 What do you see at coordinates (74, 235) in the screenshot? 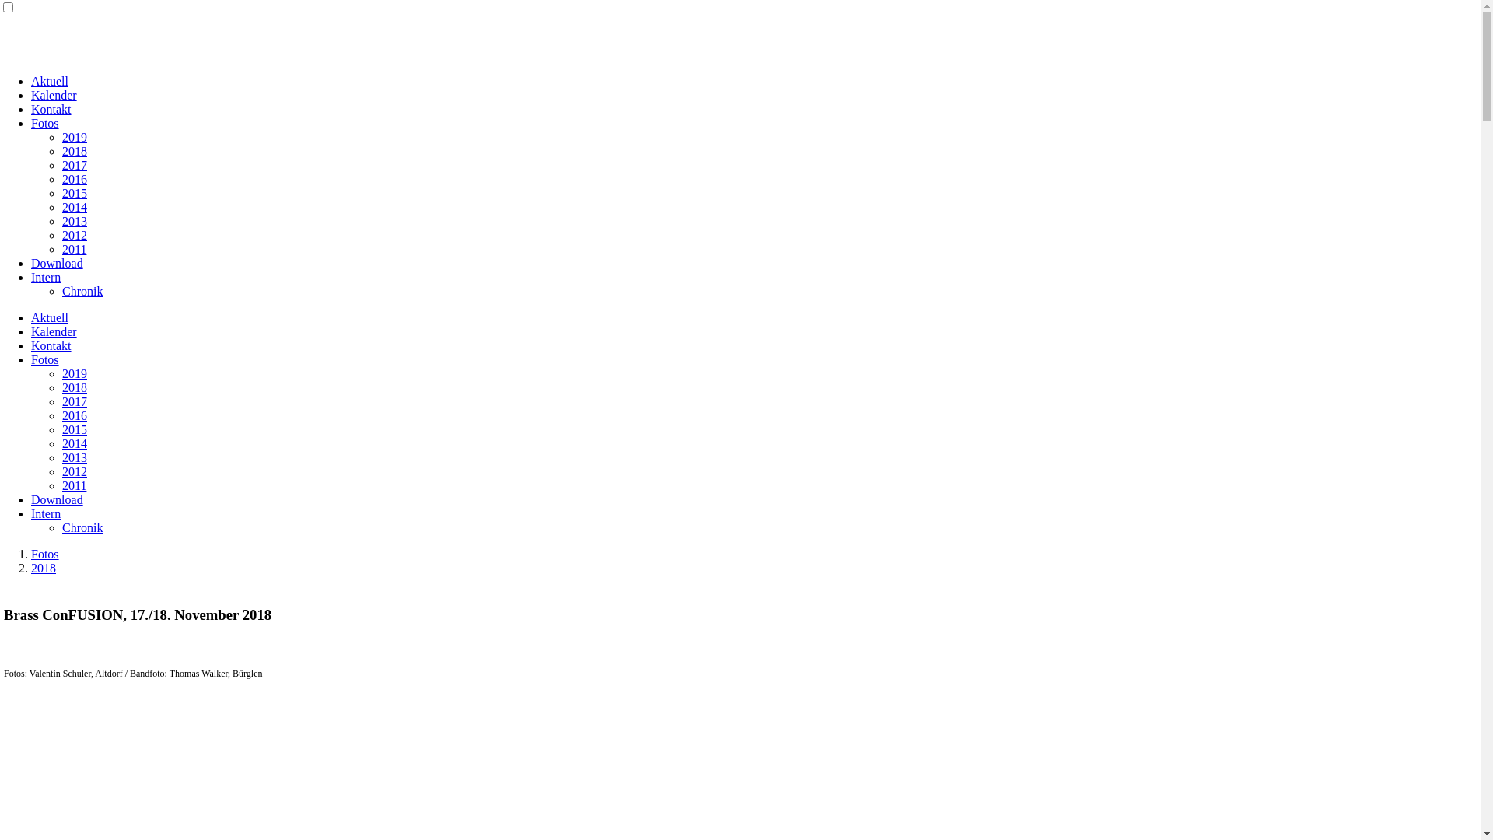
I see `'2012'` at bounding box center [74, 235].